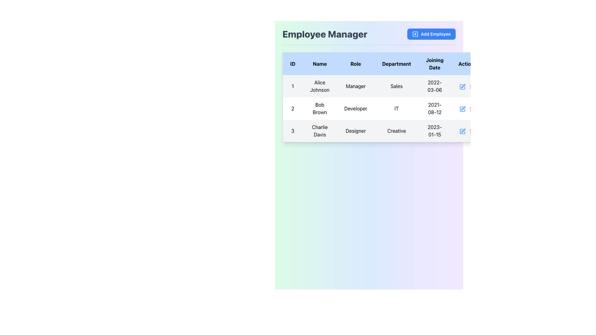 The image size is (596, 335). I want to click on the pen icon in the 'Action' column of the last row corresponding to 'Charlie Davis' to initiate editing, so click(463, 130).